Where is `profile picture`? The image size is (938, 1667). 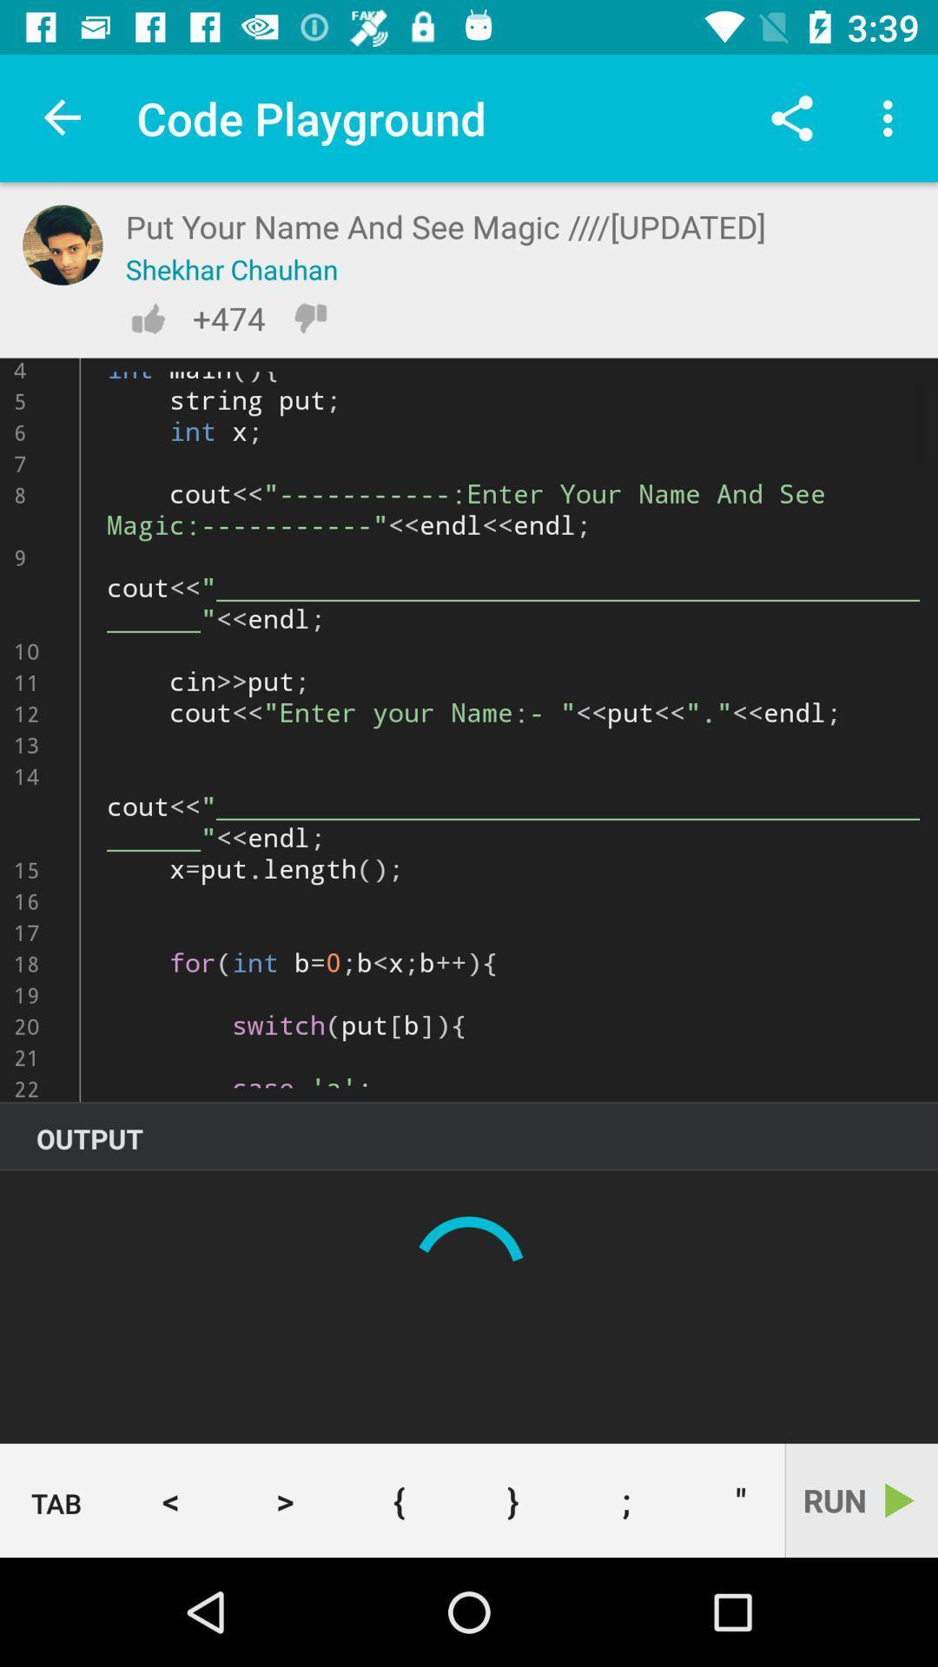
profile picture is located at coordinates (62, 244).